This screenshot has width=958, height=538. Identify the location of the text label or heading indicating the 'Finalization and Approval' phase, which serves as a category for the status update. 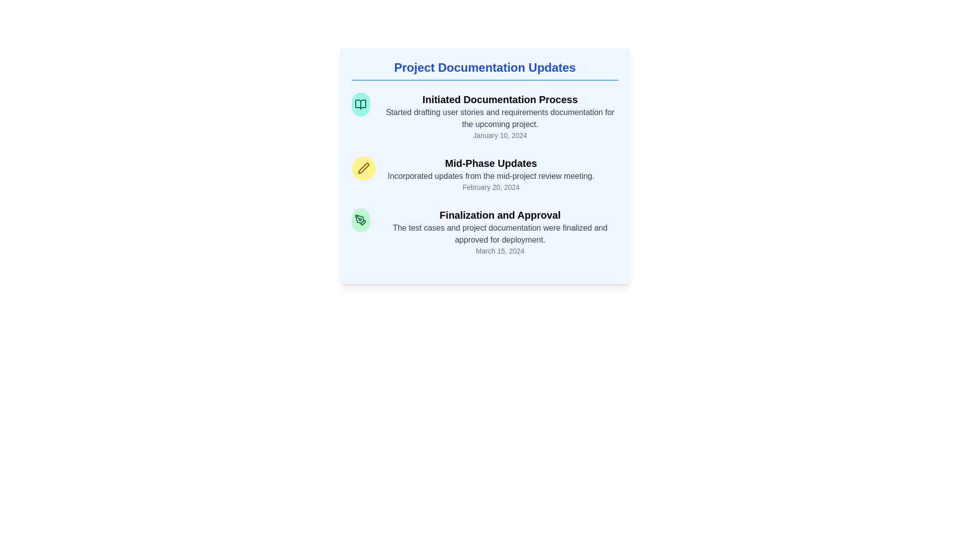
(500, 215).